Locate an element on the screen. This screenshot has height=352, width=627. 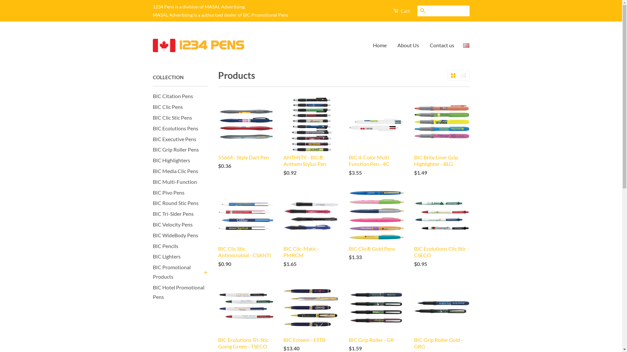
'BIC Media Clic Pens' is located at coordinates (175, 170).